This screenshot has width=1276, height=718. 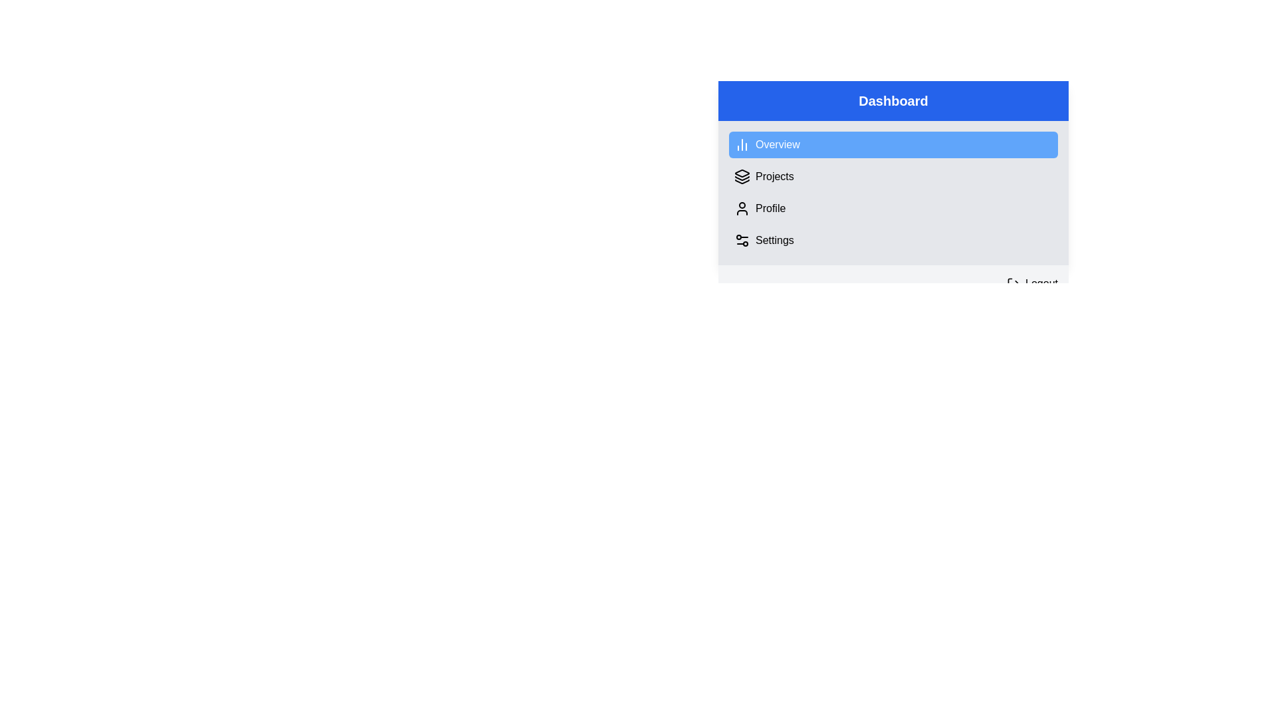 What do you see at coordinates (742, 208) in the screenshot?
I see `the user icon represented by an SVG graphic with black outlines in the sidebar menu under the 'Profile' section, located to the left of the 'Profile' text label` at bounding box center [742, 208].